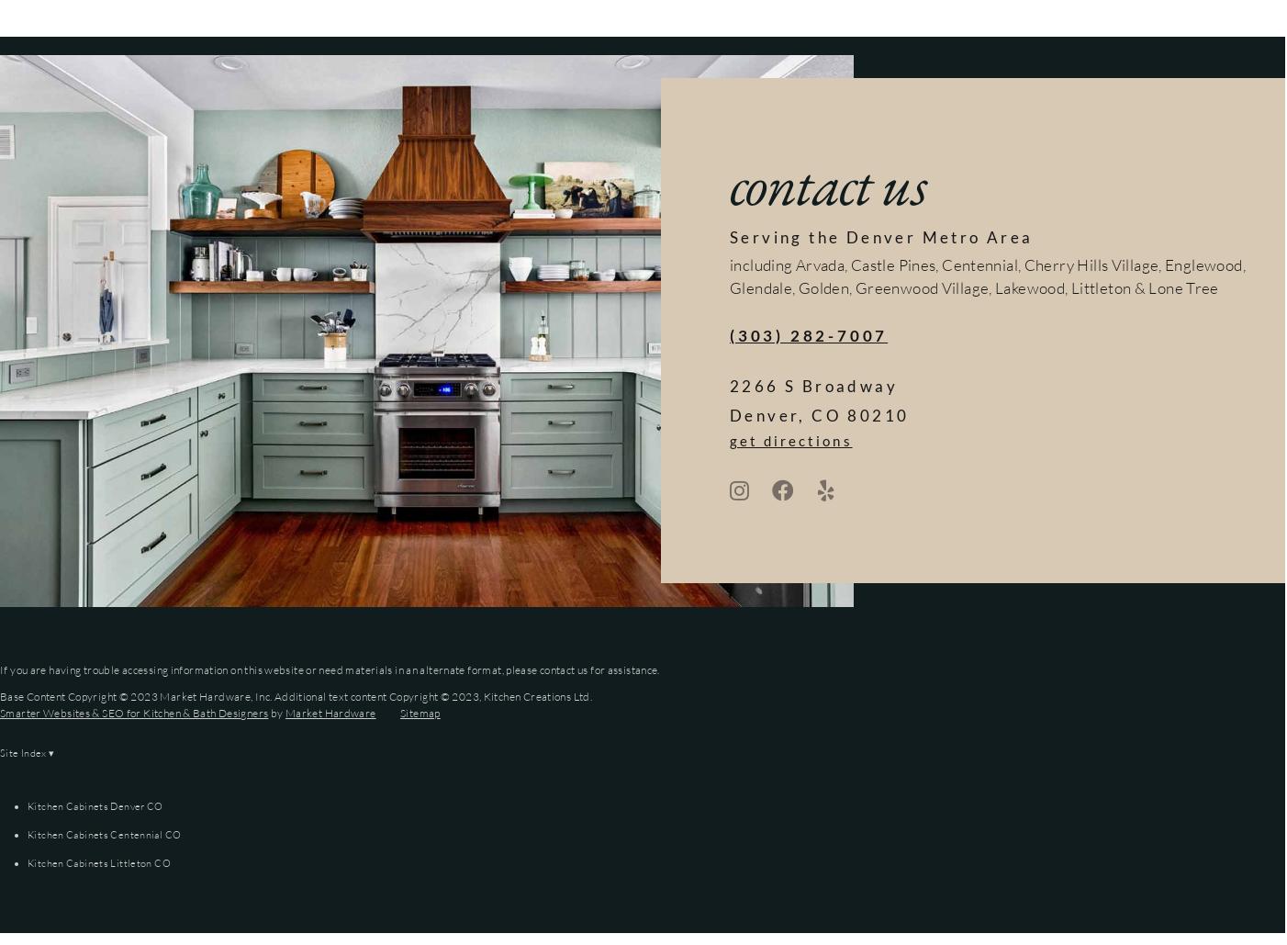 This screenshot has width=1287, height=945. What do you see at coordinates (728, 276) in the screenshot?
I see `'including Arvada, Castle Pines, Centennial, Cherry Hills Village, Englewood, Glendale, Golden, Greenwood Village, Lakewood, Littleton & Lone Tree'` at bounding box center [728, 276].